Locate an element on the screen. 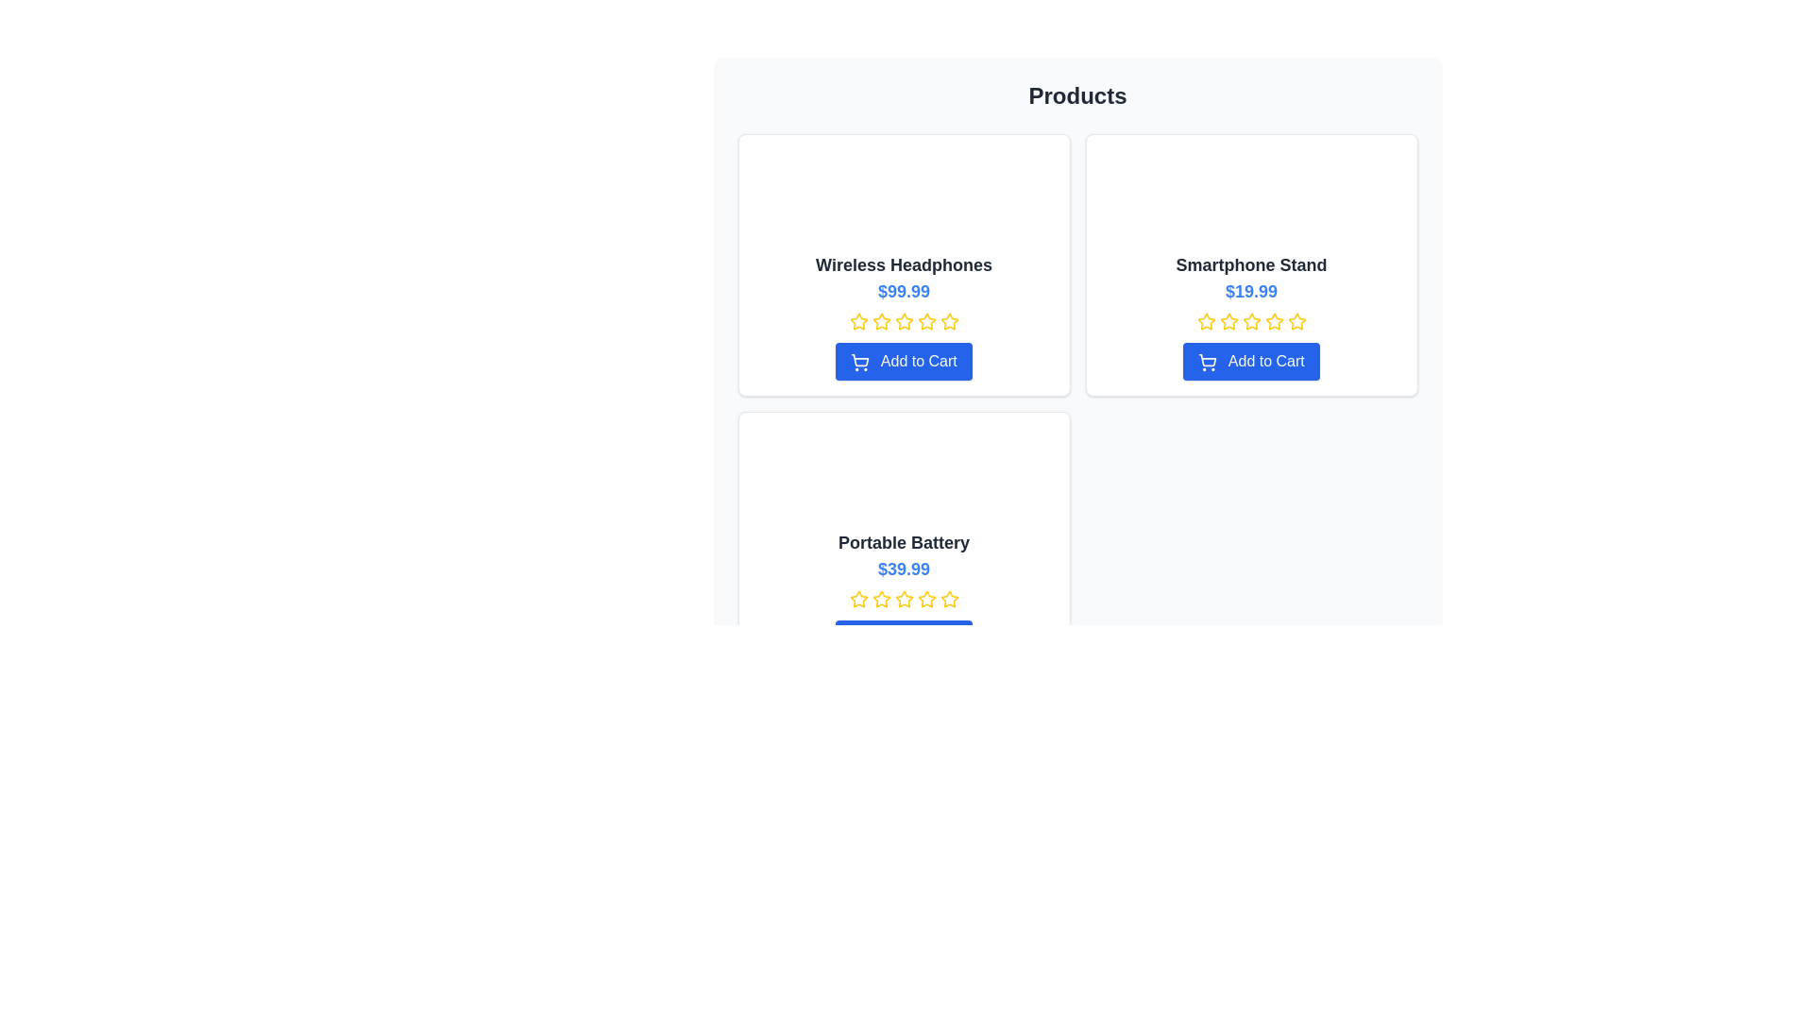 This screenshot has height=1020, width=1813. the fifth star icon with a yellow outline, located in the first row under 'Wireless Headphones', to rate it is located at coordinates (949, 320).